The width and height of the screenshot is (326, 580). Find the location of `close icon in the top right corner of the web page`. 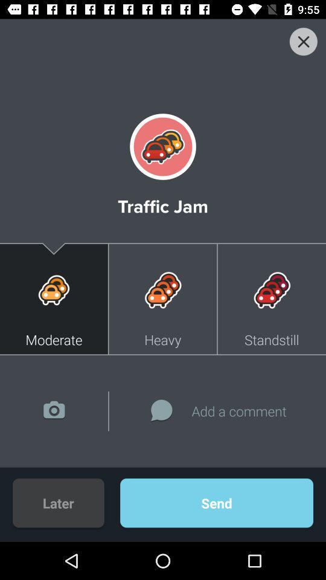

close icon in the top right corner of the web page is located at coordinates (302, 42).